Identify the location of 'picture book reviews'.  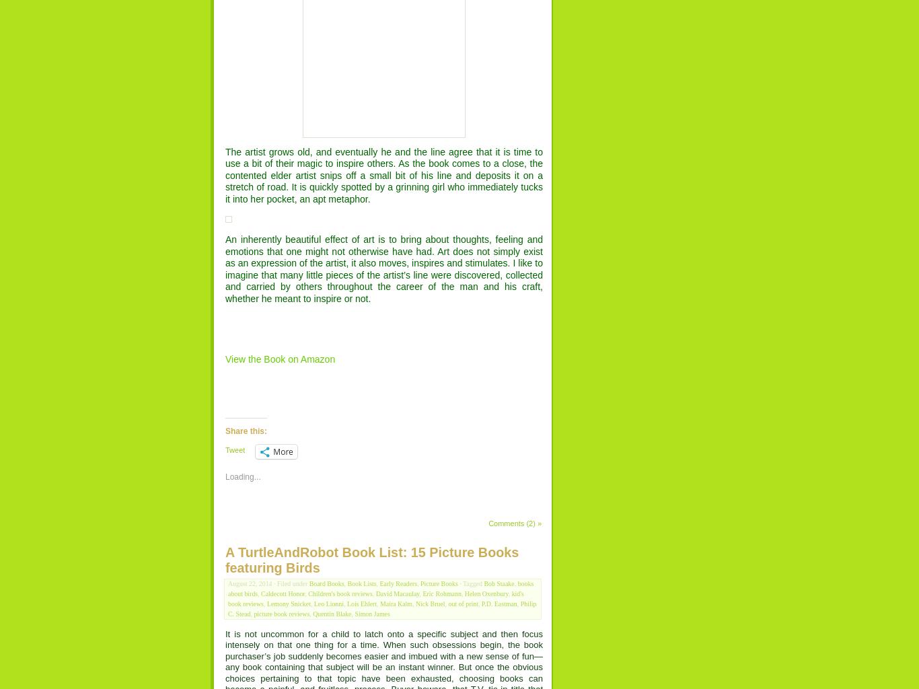
(253, 612).